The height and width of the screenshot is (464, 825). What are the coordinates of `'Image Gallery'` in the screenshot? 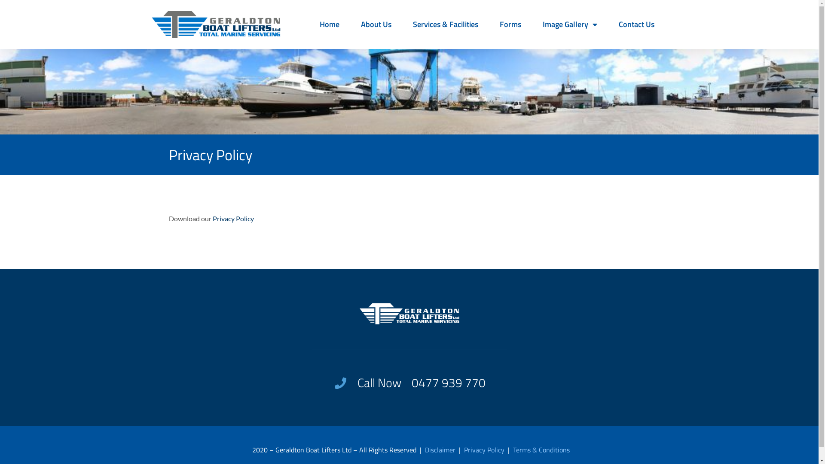 It's located at (569, 24).